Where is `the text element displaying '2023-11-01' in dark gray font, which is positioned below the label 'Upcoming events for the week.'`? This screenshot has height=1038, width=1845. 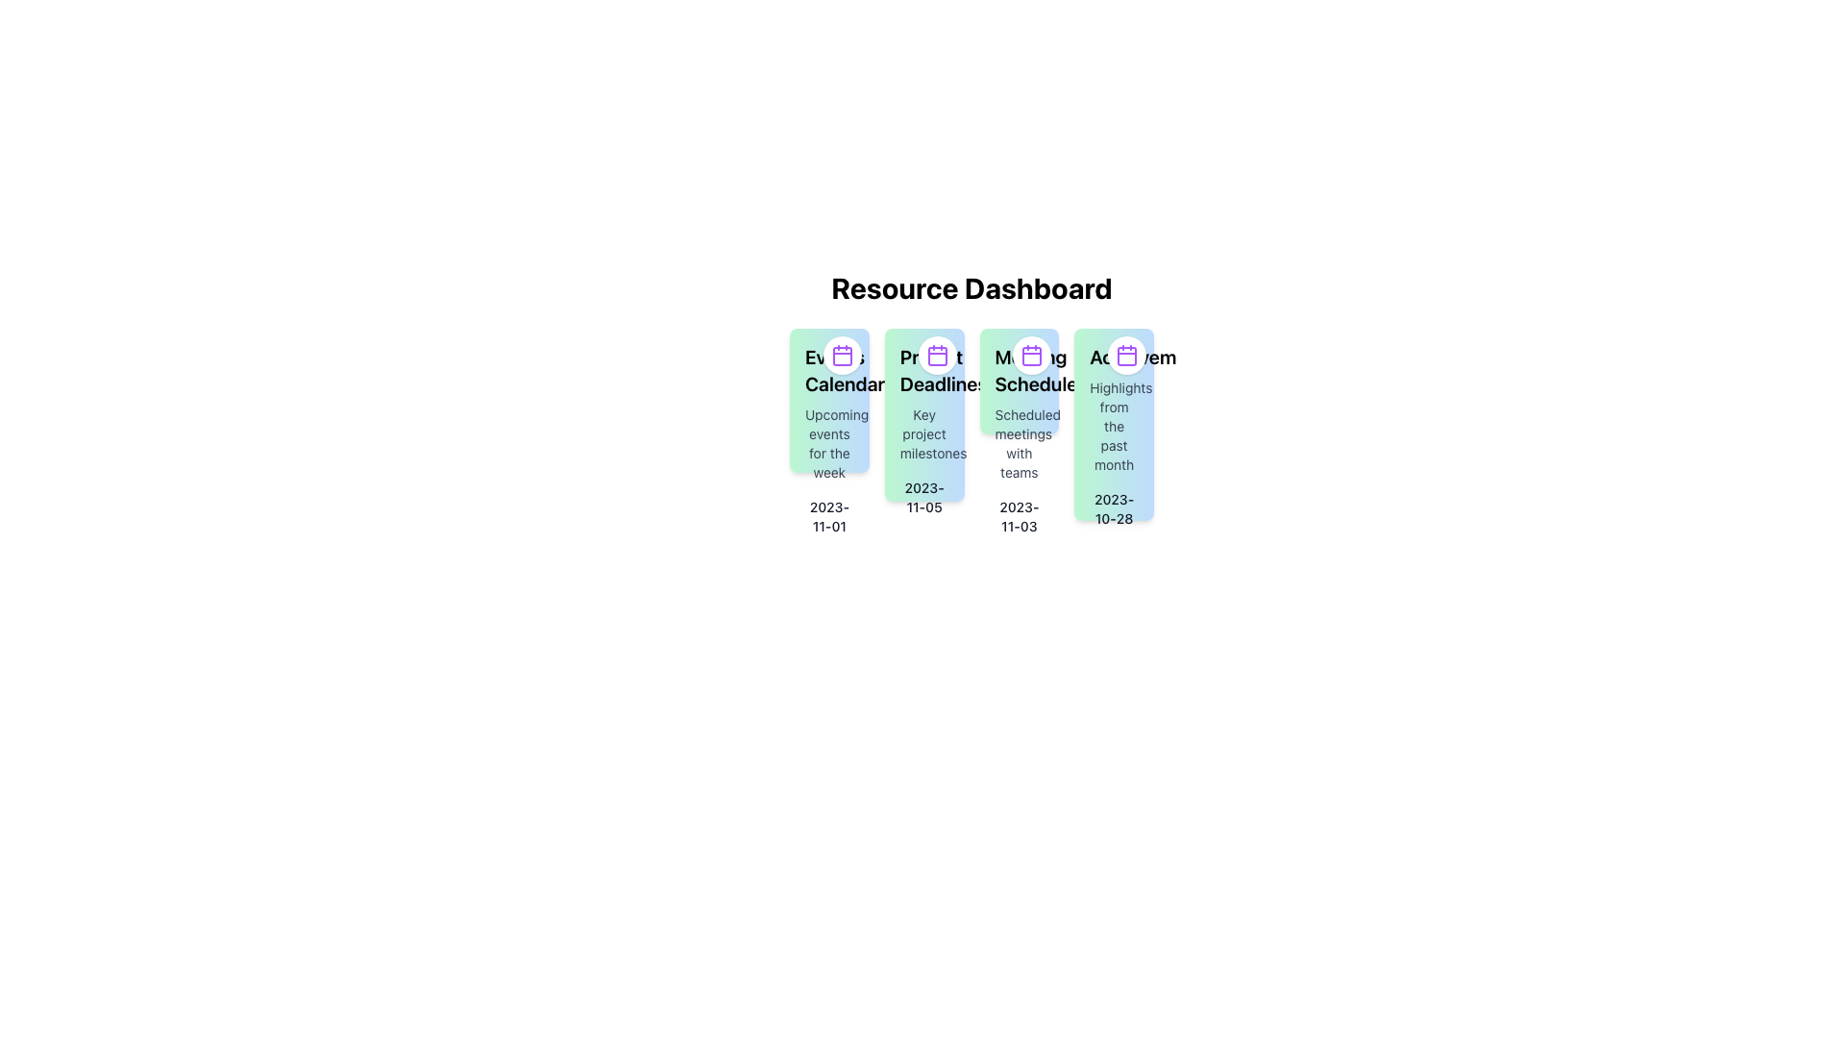 the text element displaying '2023-11-01' in dark gray font, which is positioned below the label 'Upcoming events for the week.' is located at coordinates (829, 515).